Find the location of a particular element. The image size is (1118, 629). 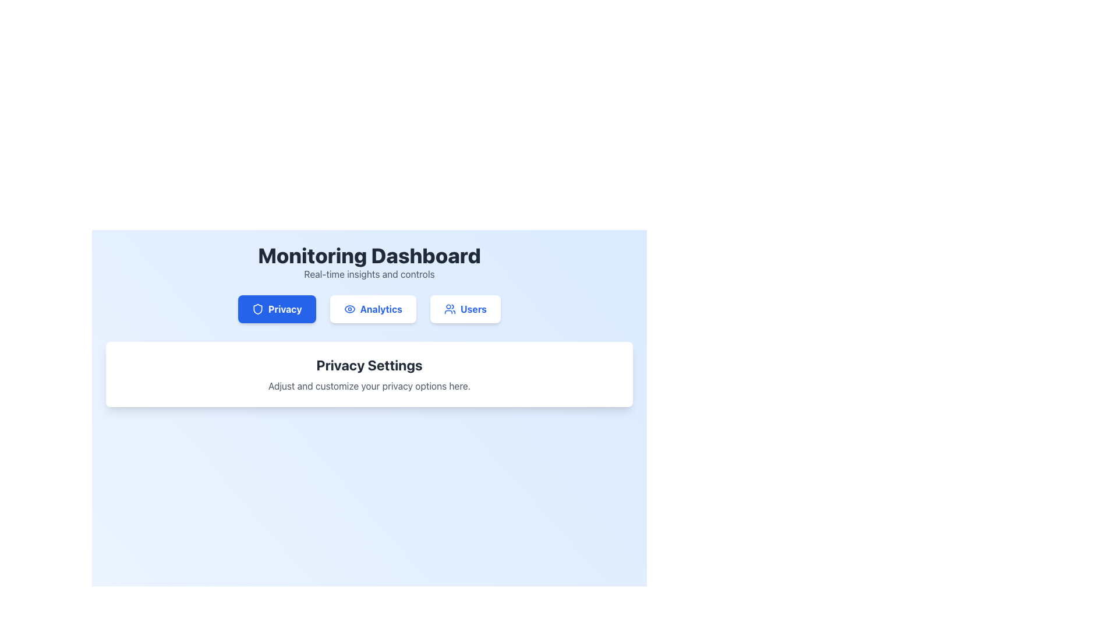

the 'Users' button, which is the third button in a horizontal group of three buttons, styled with a white background and blue bold text, featuring an icon of two small stylized users is located at coordinates (465, 309).